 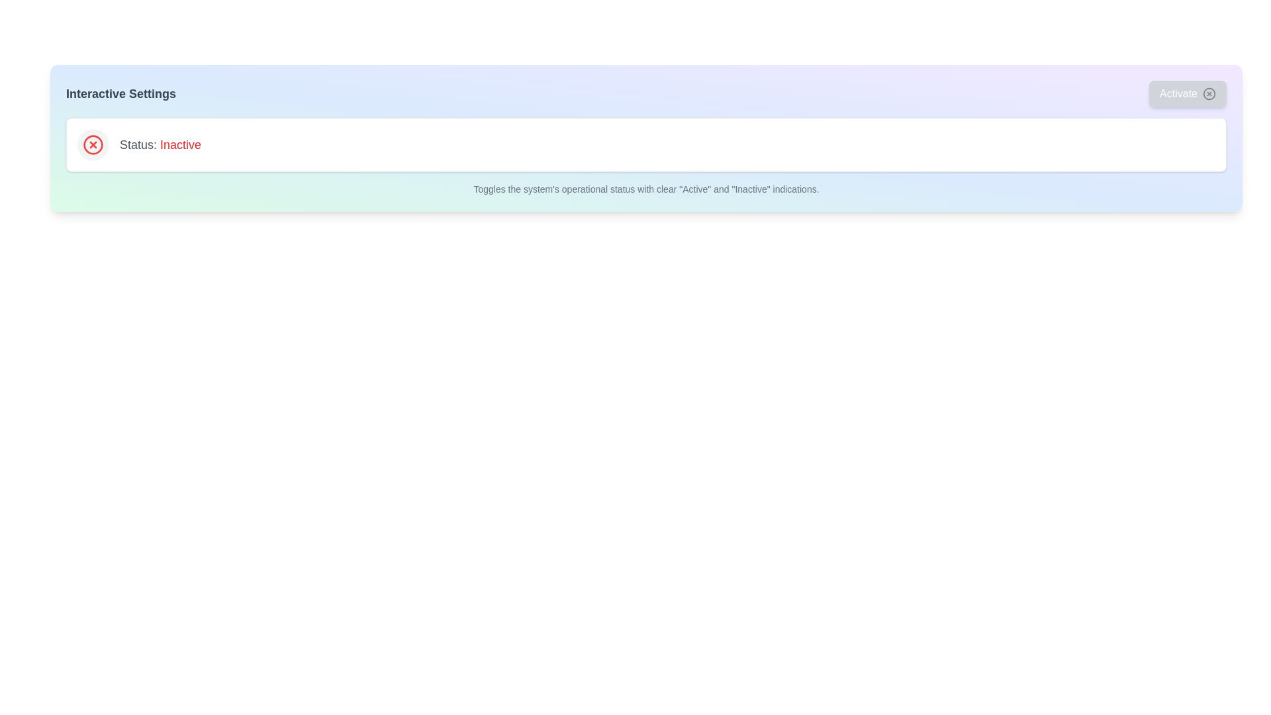 I want to click on the dismiss cross icon located in the top-right corner of the gray 'Activate' button within the 'Interactive Settings' panel, so click(x=1209, y=93).